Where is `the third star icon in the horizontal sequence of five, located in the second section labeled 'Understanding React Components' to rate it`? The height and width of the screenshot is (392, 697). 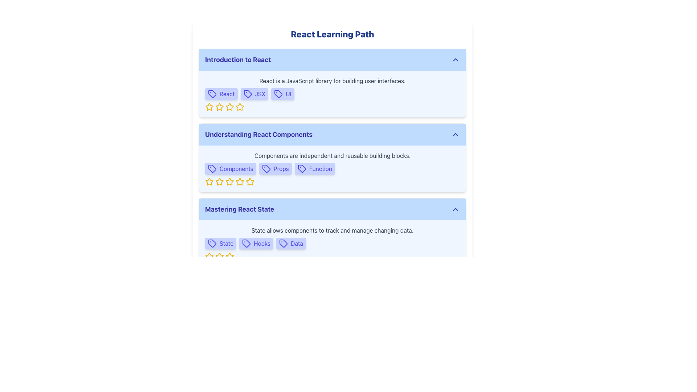 the third star icon in the horizontal sequence of five, located in the second section labeled 'Understanding React Components' to rate it is located at coordinates (219, 181).